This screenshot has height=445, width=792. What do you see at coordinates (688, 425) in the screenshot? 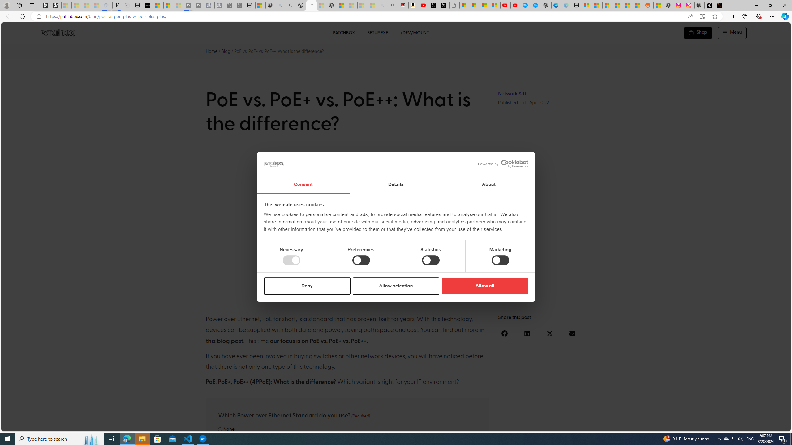
I see `'Language switcher : Italian'` at bounding box center [688, 425].